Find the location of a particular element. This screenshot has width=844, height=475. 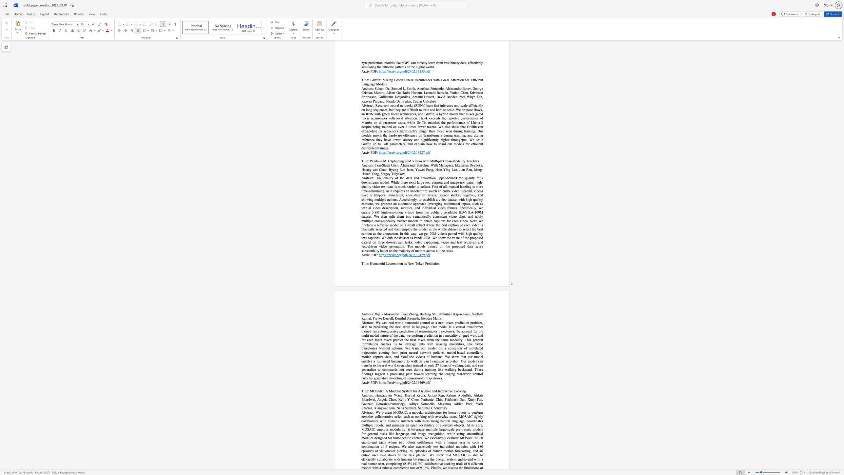

the subset text ", Jathushan Rajasegaran, Sarthak Kamat, Trevor Darre" within the text "Ilija Radosavovic, Bike Zhang, Baifeng Shi, Jathushan Rajasegaran, Sarthak Kamat, Trevor Darrell, Koushil Sreenath, Jitendra Malik" is located at coordinates (436, 314).